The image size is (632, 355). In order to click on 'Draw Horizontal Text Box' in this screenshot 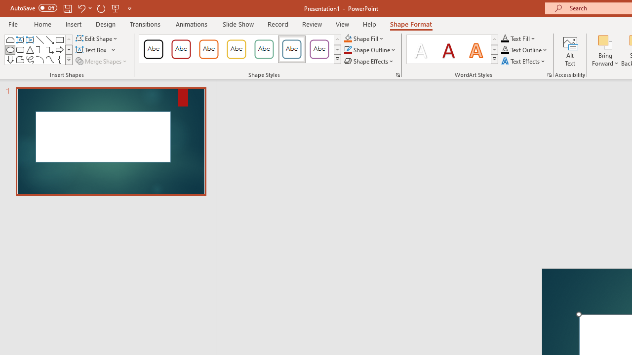, I will do `click(92, 50)`.